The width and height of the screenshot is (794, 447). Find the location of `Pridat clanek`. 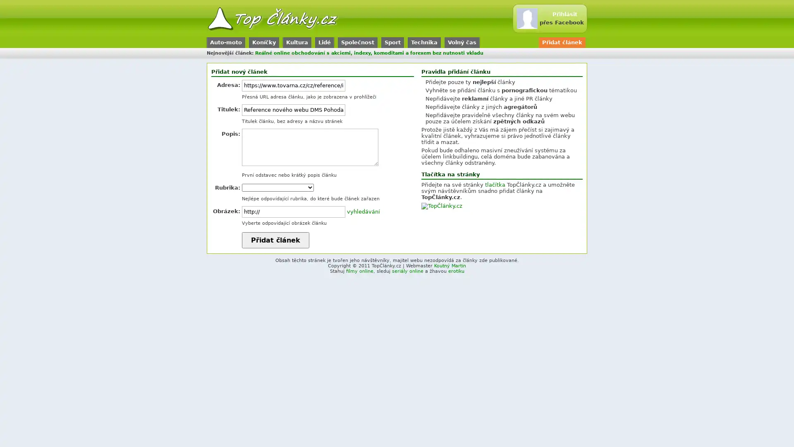

Pridat clanek is located at coordinates (275, 240).